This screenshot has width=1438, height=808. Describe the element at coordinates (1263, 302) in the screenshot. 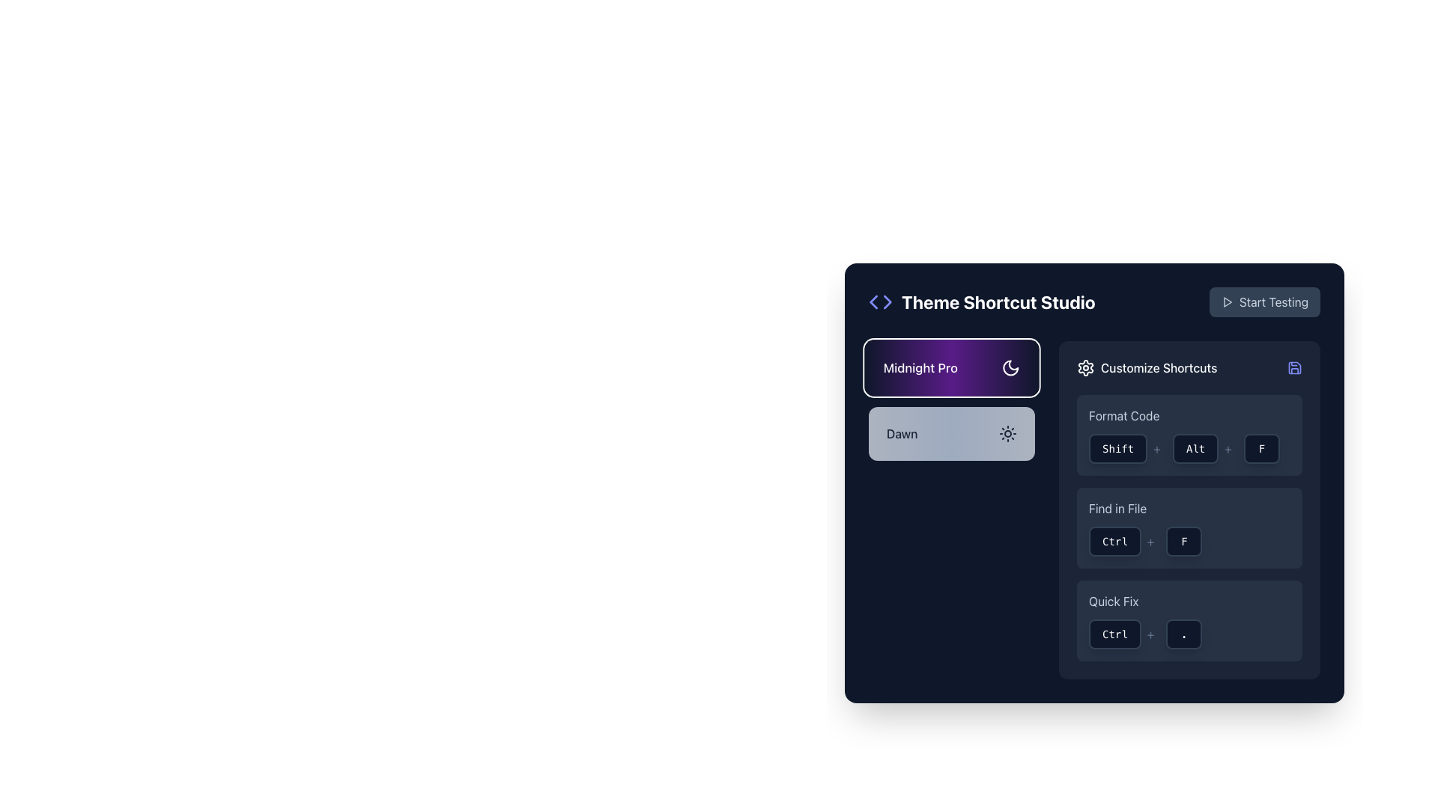

I see `the testing process initiation button located in the top-right corner, following the text 'Theme Shortcut Studio'` at that location.